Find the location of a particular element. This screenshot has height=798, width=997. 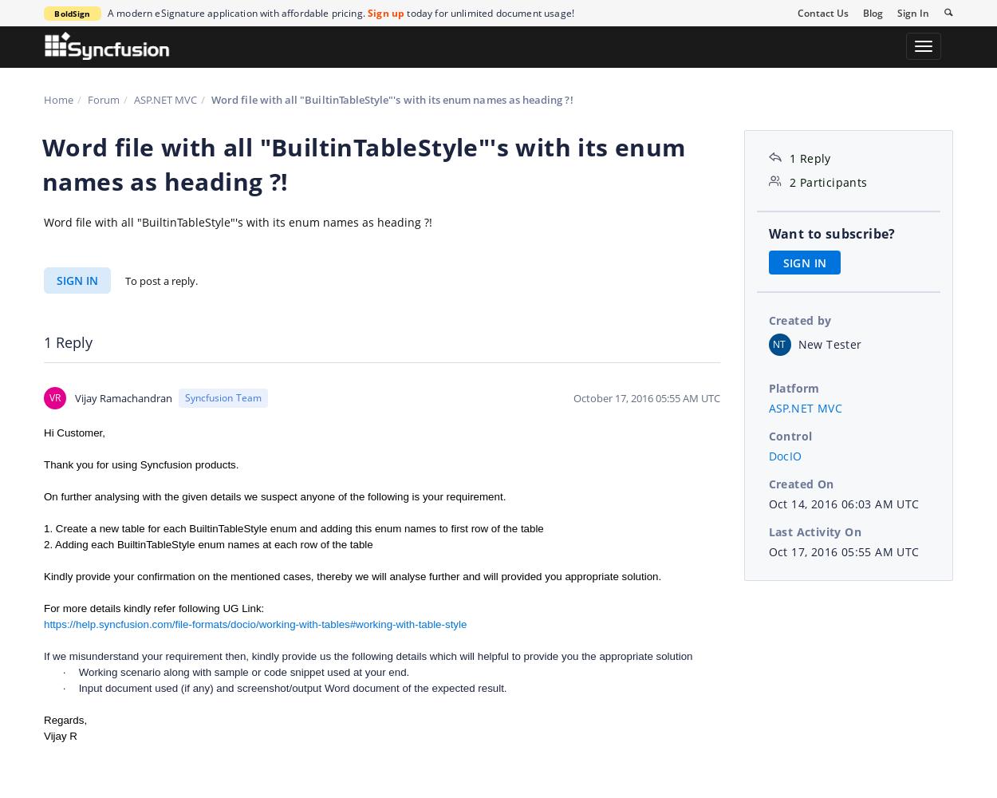

'2 Participants' is located at coordinates (828, 180).